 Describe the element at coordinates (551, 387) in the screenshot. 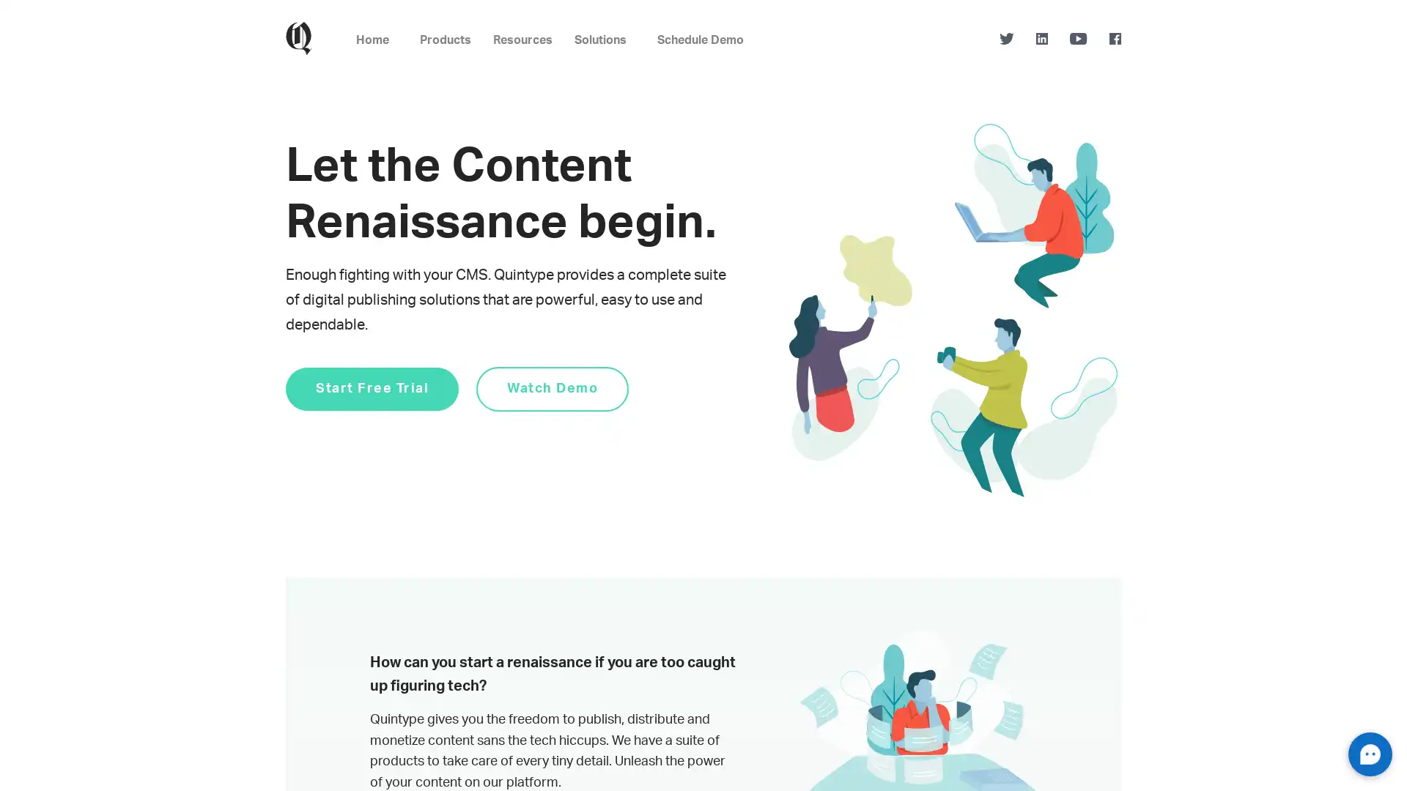

I see `Watch Demo` at that location.